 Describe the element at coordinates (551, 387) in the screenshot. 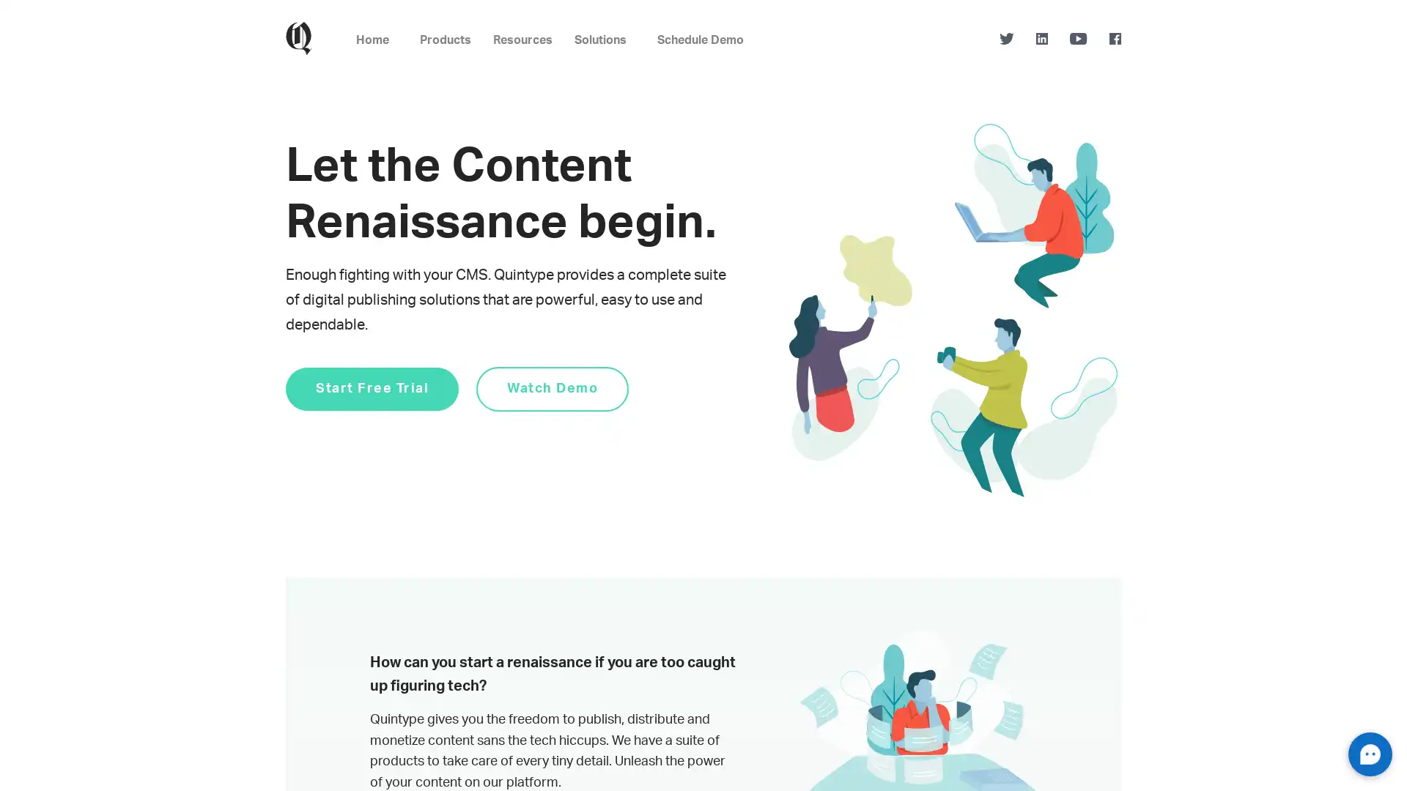

I see `Watch Demo` at that location.